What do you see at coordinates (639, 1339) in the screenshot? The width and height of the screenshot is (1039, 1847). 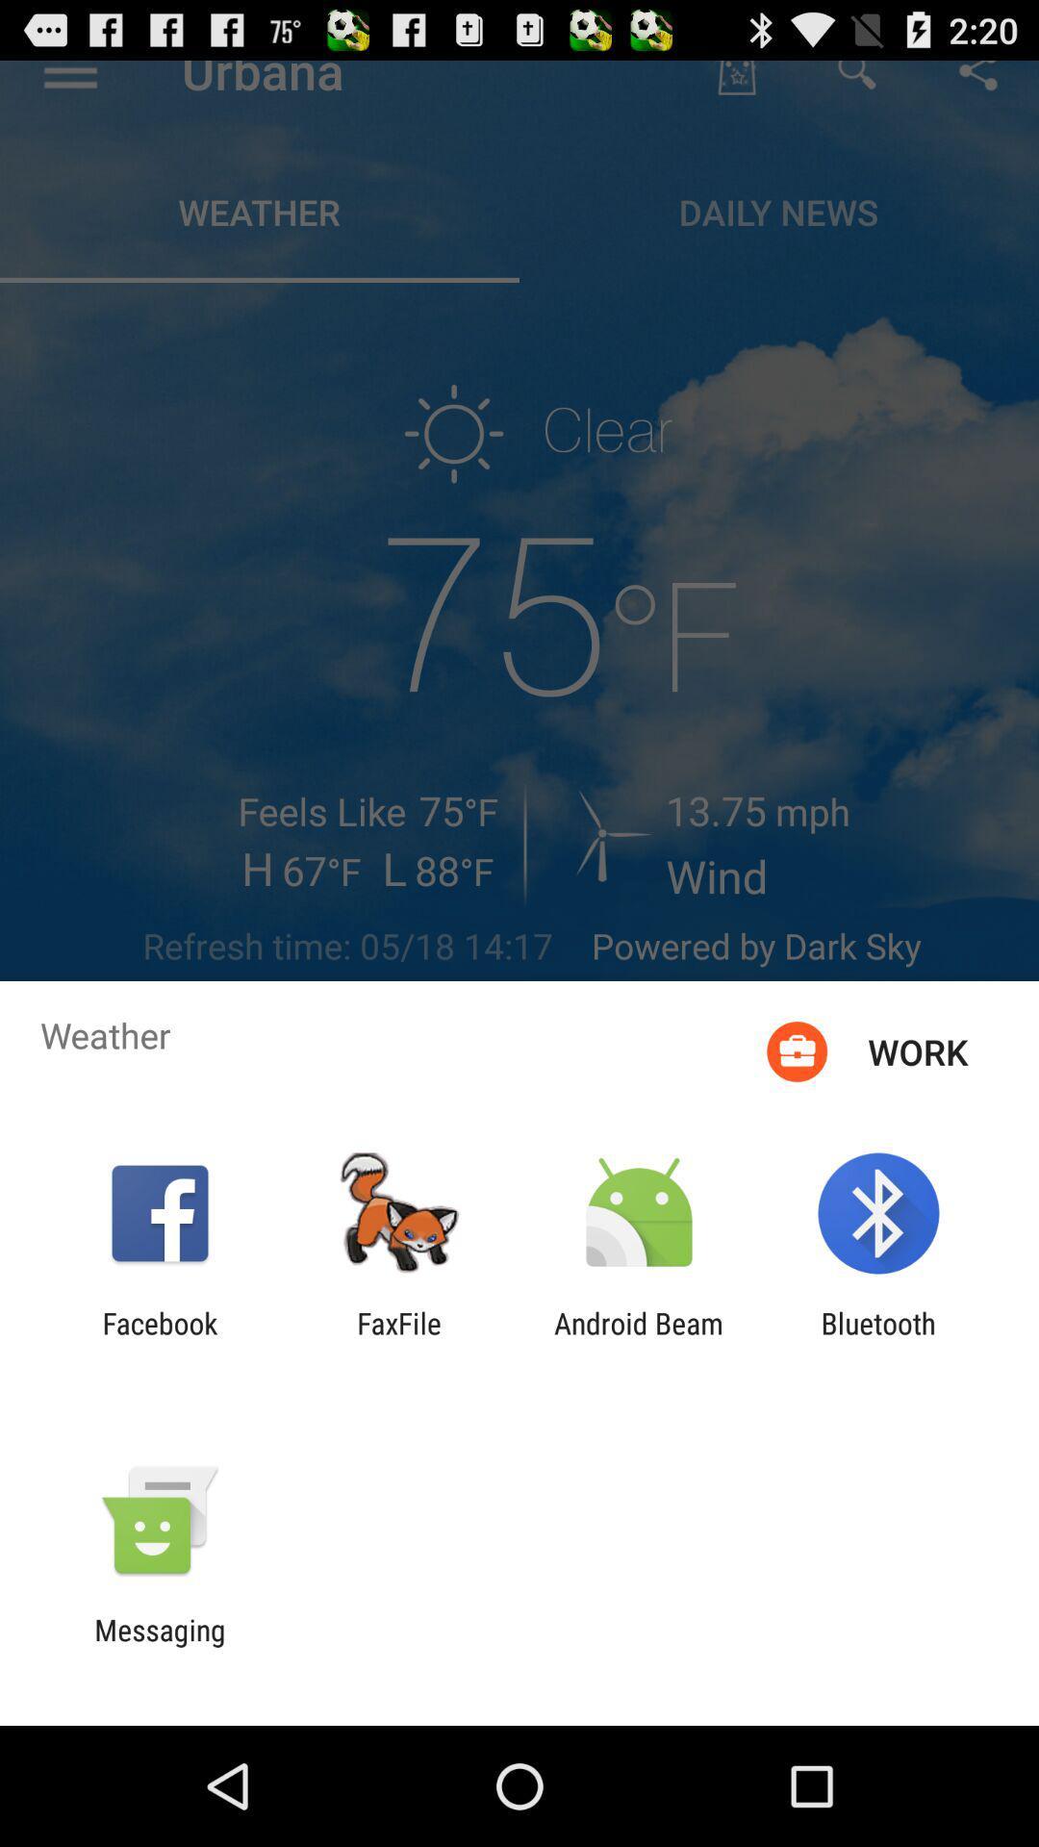 I see `the item next to bluetooth item` at bounding box center [639, 1339].